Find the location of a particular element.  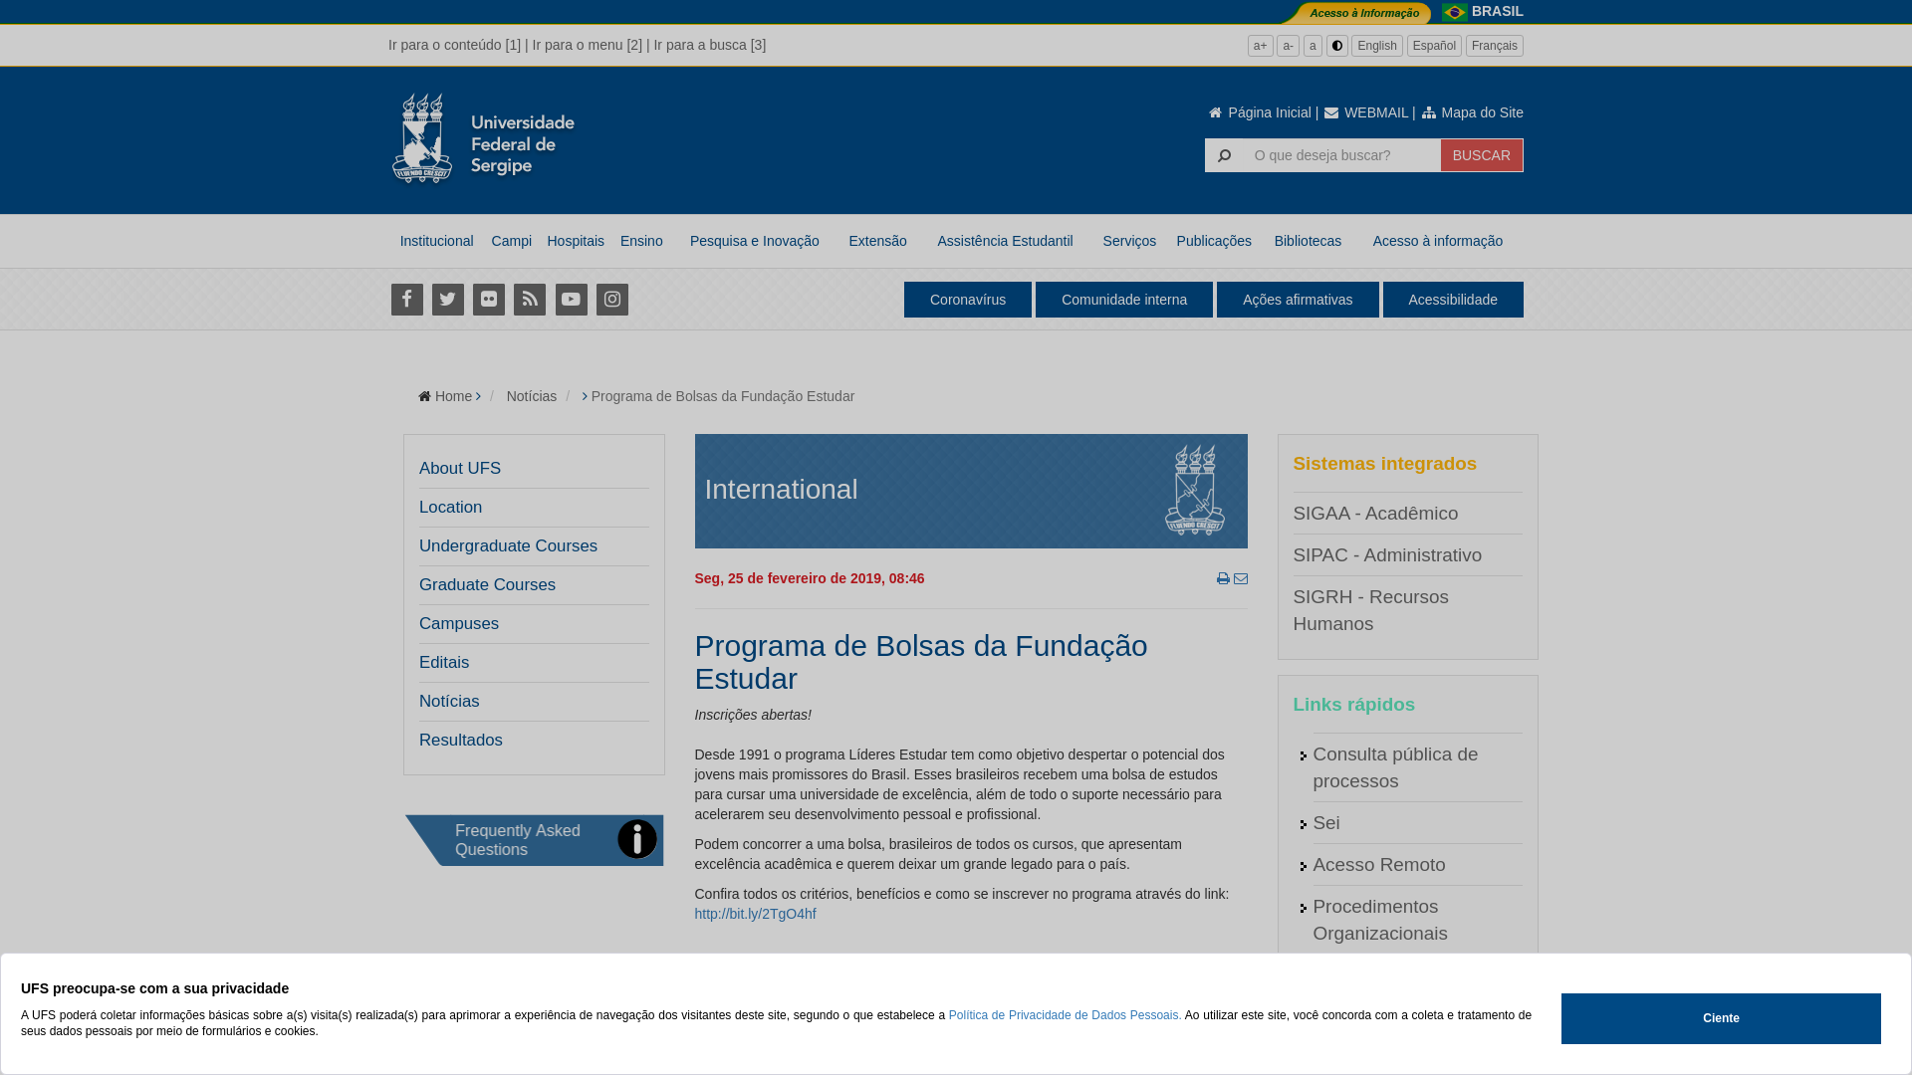

'English' is located at coordinates (1375, 45).